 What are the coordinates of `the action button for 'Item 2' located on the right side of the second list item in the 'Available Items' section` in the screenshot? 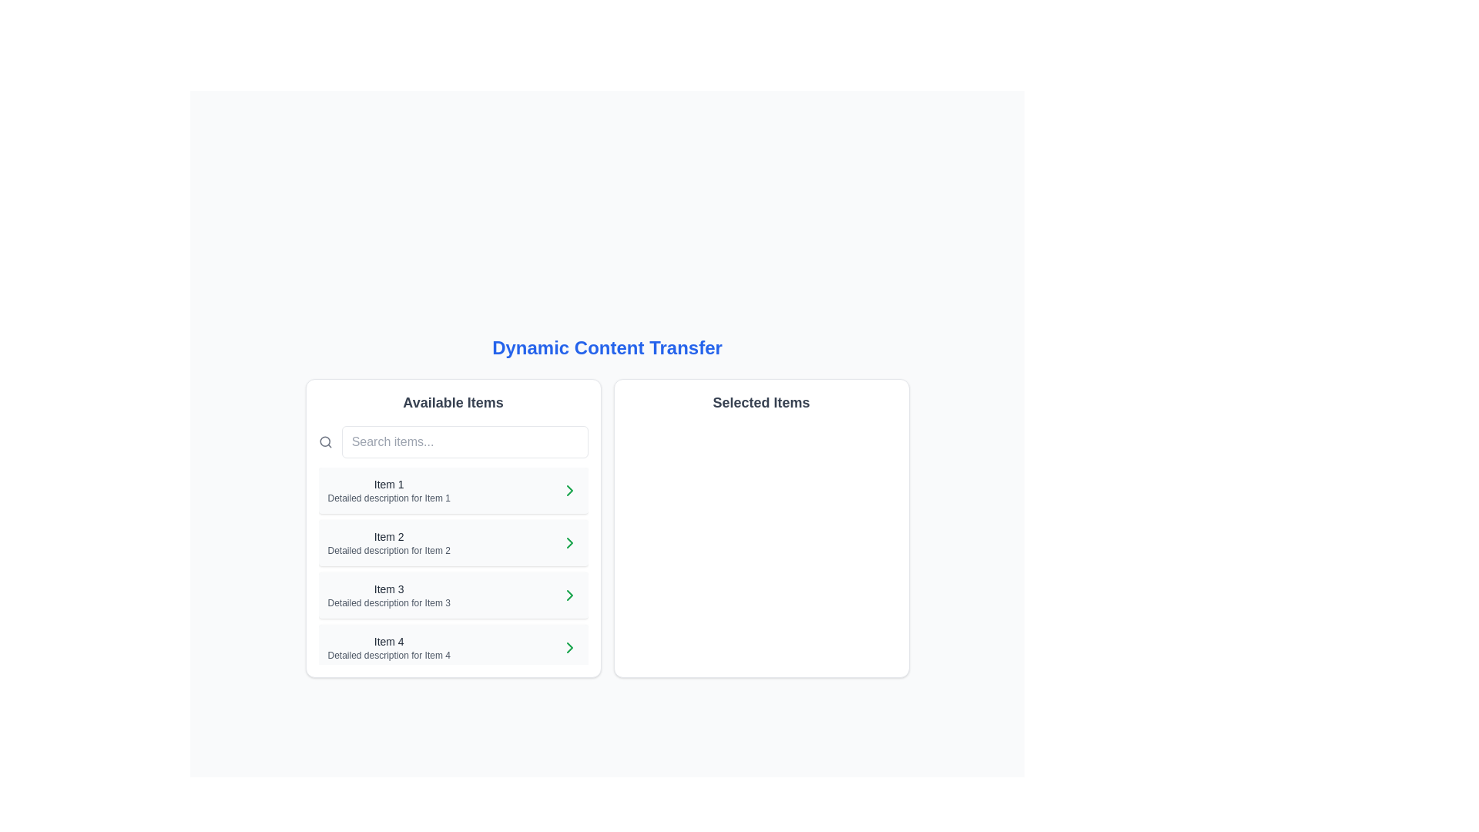 It's located at (568, 542).